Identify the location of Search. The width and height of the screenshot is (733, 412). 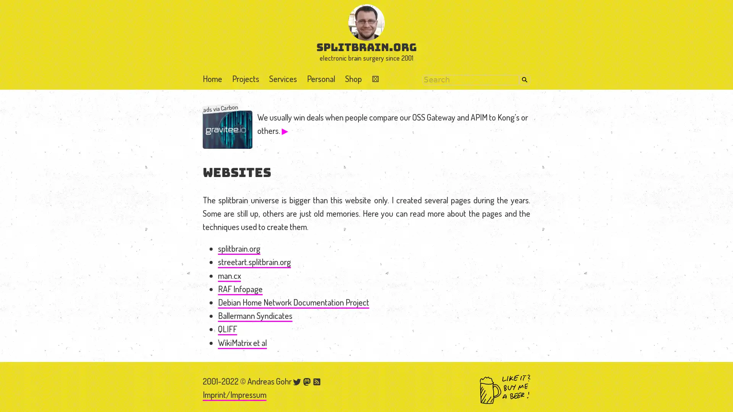
(524, 80).